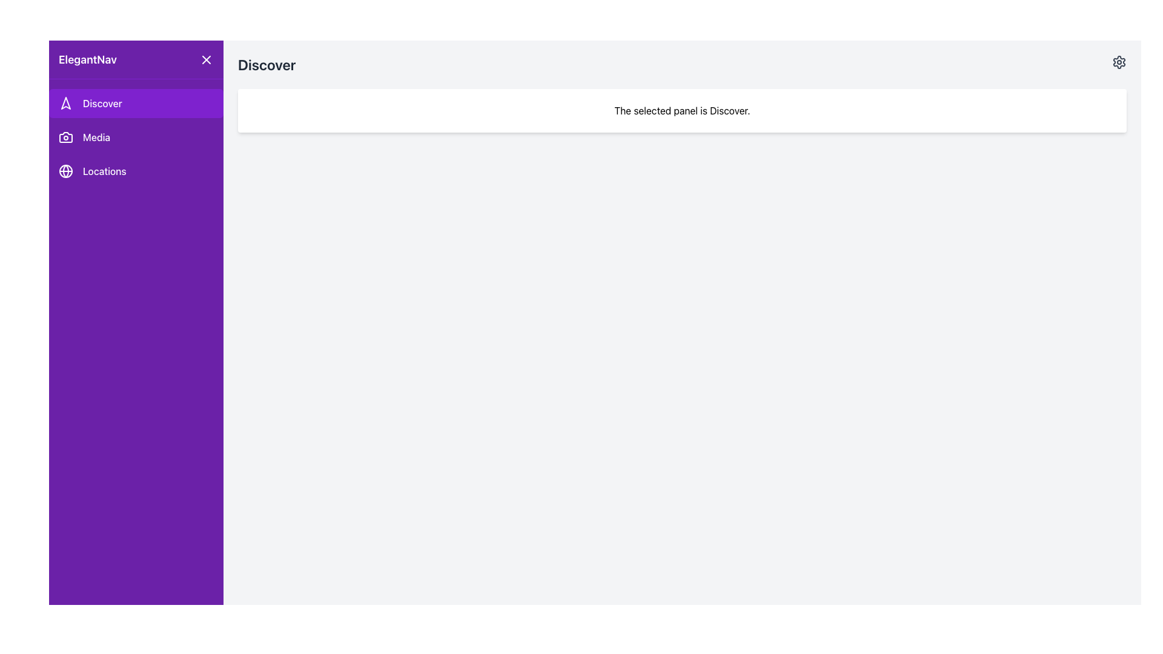  Describe the element at coordinates (104, 171) in the screenshot. I see `the Text Label in the sidebar that serves as a label for a navigation menu item related to locations, which is the third item in the vertical menu structure after 'Discover' and 'Media'` at that location.